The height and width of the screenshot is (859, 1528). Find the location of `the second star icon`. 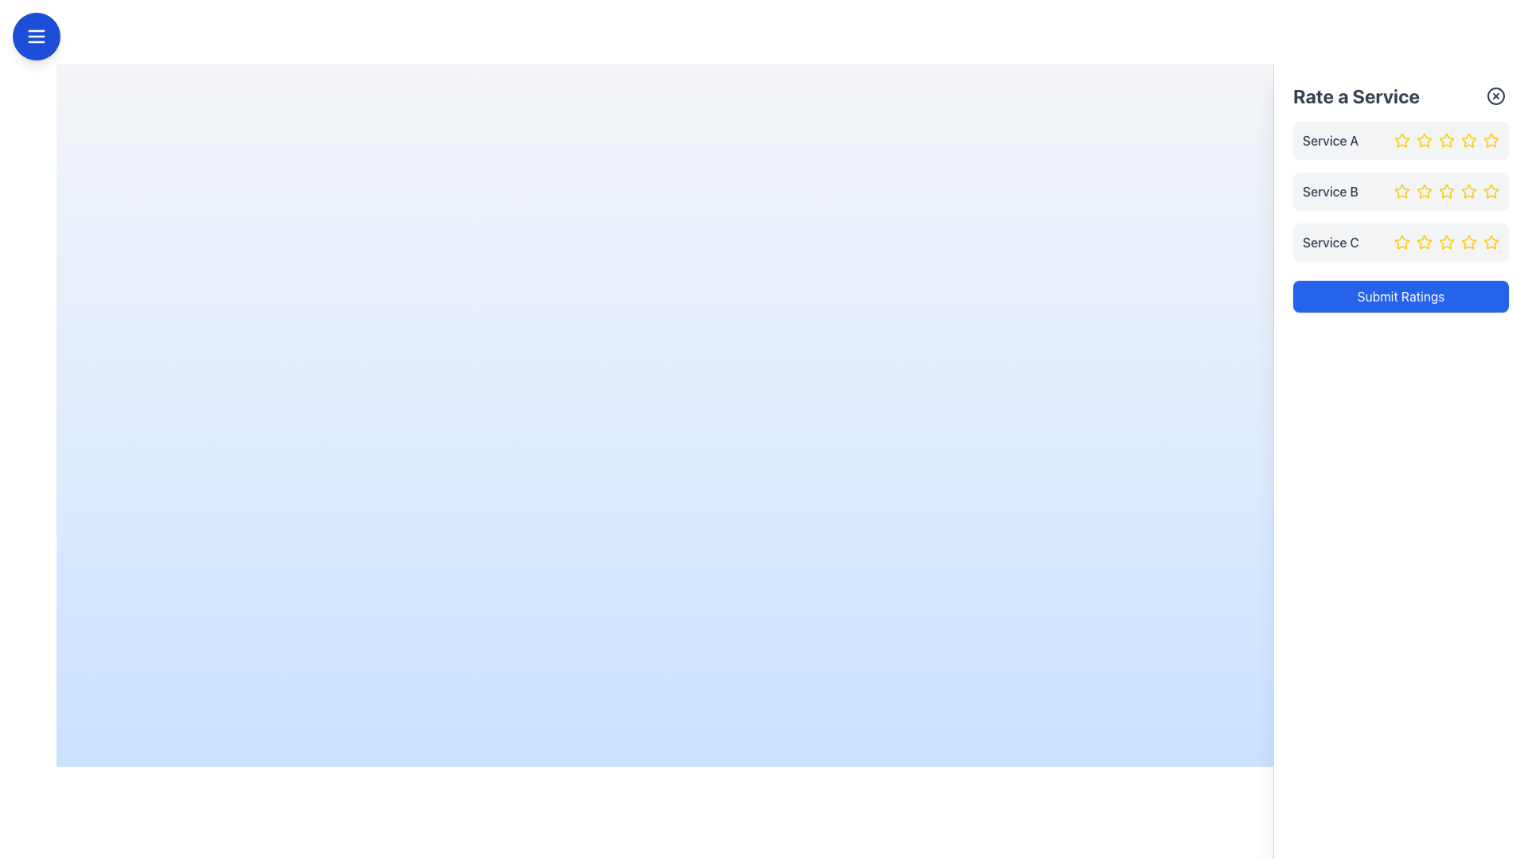

the second star icon is located at coordinates (1424, 242).